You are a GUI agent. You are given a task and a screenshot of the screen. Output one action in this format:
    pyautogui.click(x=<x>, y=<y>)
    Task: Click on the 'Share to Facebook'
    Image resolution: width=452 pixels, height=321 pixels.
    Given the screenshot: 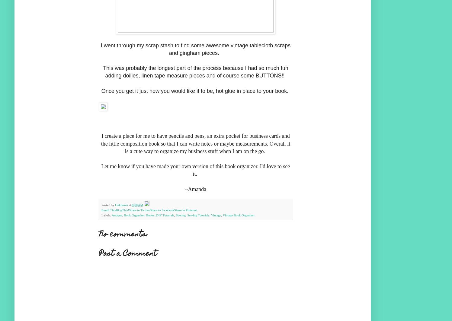 What is the action you would take?
    pyautogui.click(x=162, y=210)
    